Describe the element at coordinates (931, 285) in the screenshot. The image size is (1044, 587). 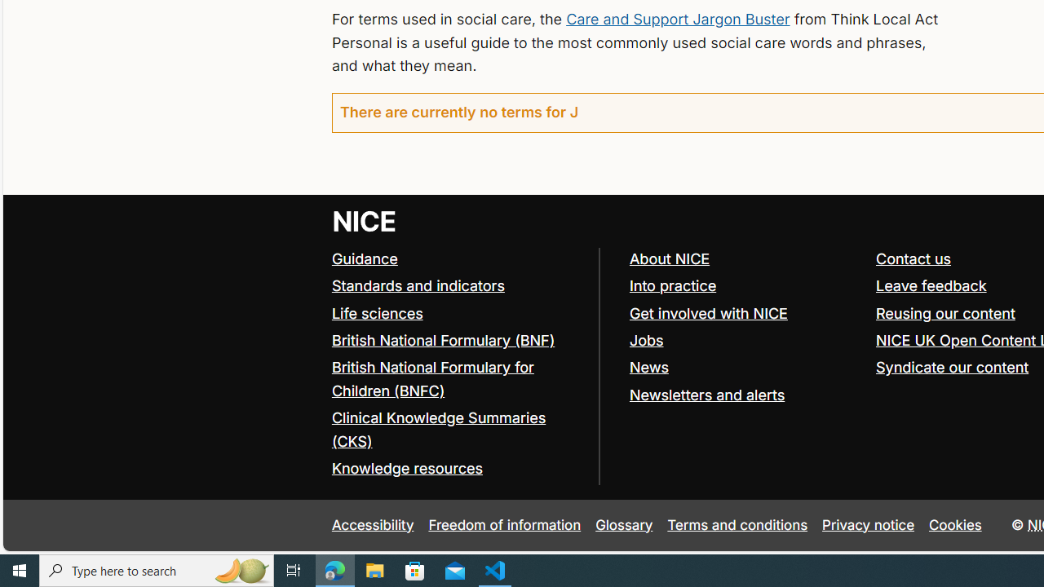
I see `'Leave feedback'` at that location.